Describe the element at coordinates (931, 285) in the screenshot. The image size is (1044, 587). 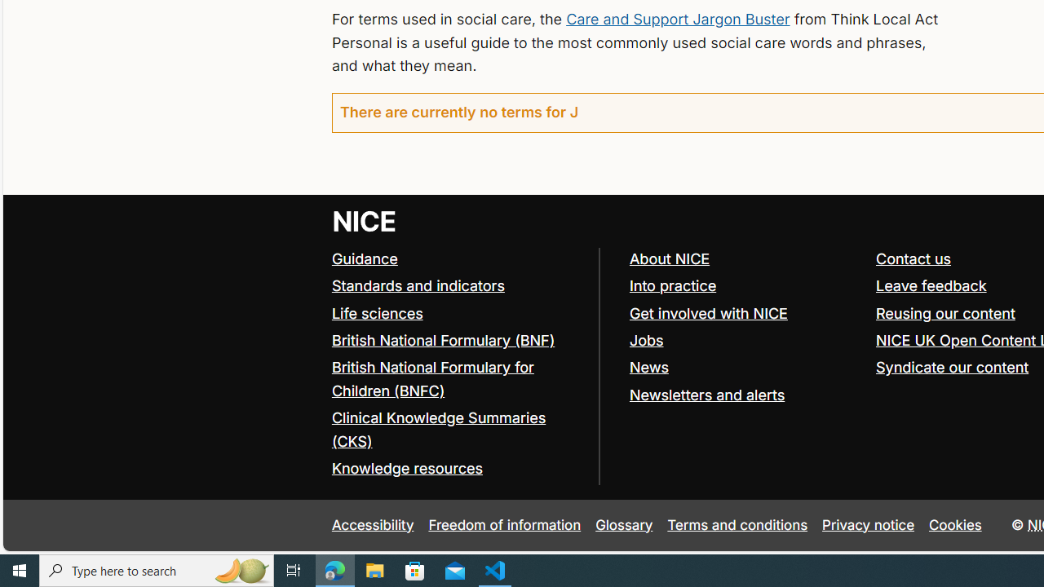
I see `'Leave feedback'` at that location.